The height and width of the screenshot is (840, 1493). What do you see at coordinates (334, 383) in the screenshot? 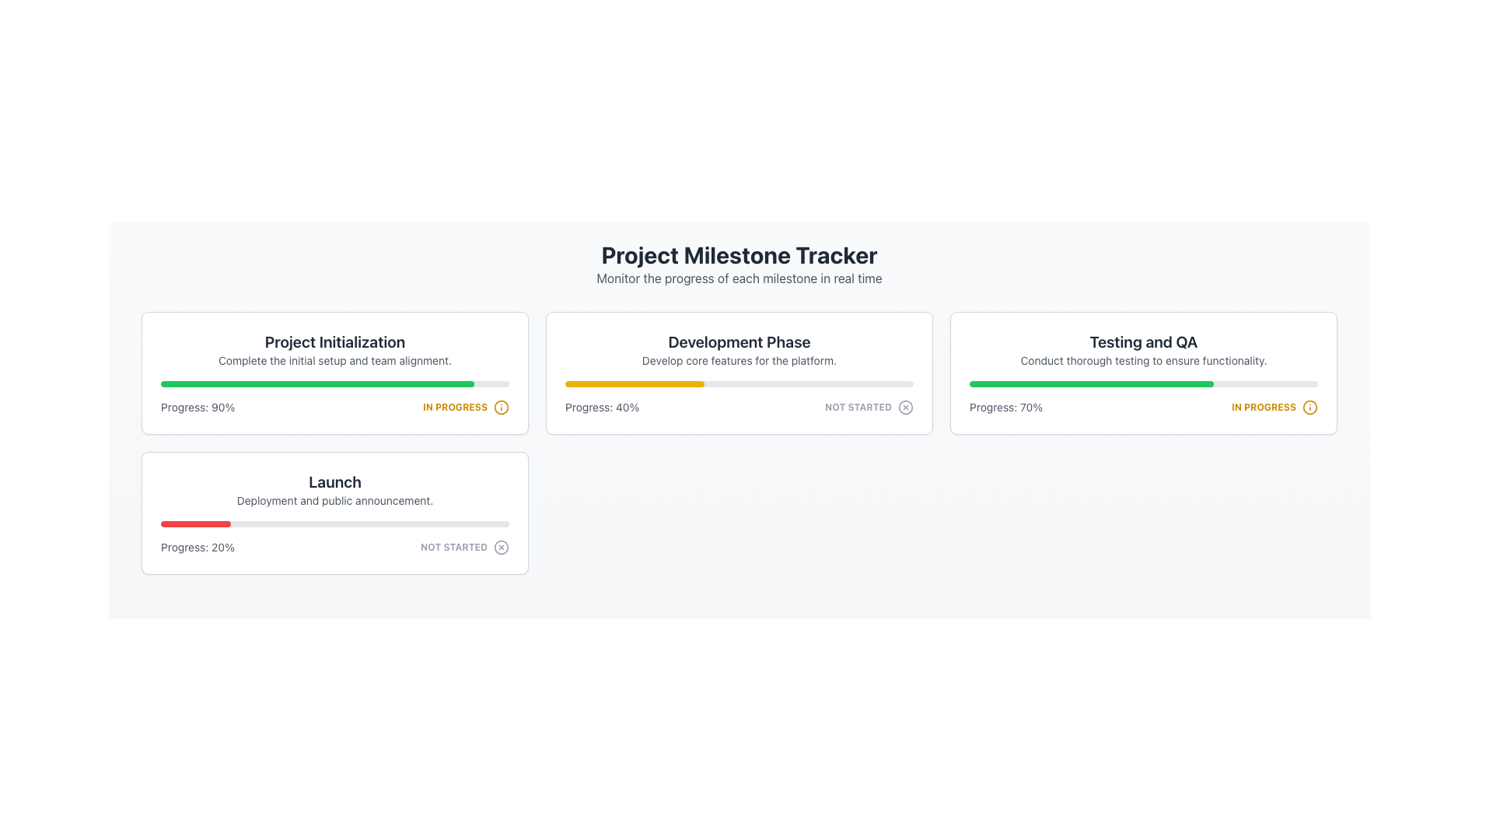
I see `the progress bar with a green background, which represents a 90% completion status, located within the 'Project Initialization' milestone card` at bounding box center [334, 383].